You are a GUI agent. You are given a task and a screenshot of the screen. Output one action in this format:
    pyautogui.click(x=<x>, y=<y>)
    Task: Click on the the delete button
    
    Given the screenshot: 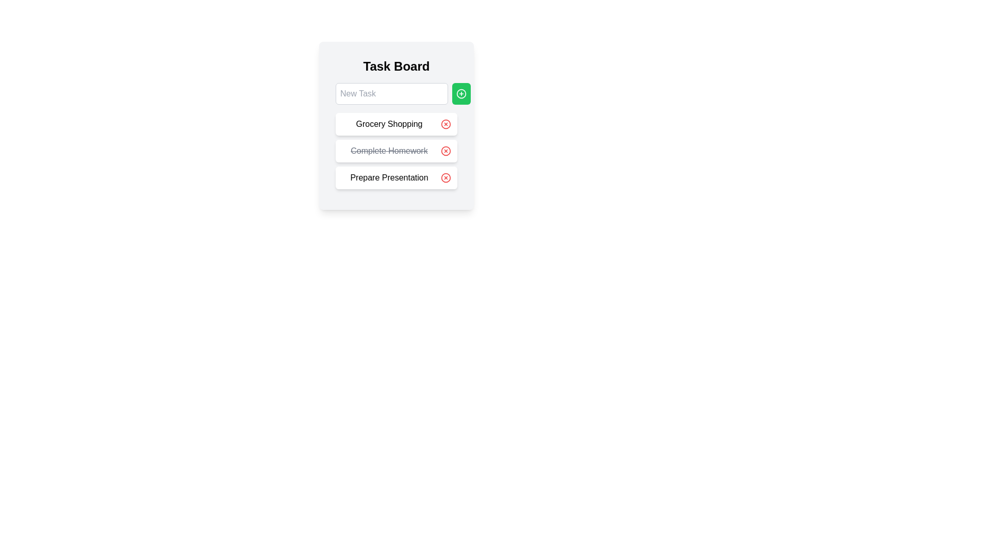 What is the action you would take?
    pyautogui.click(x=445, y=177)
    